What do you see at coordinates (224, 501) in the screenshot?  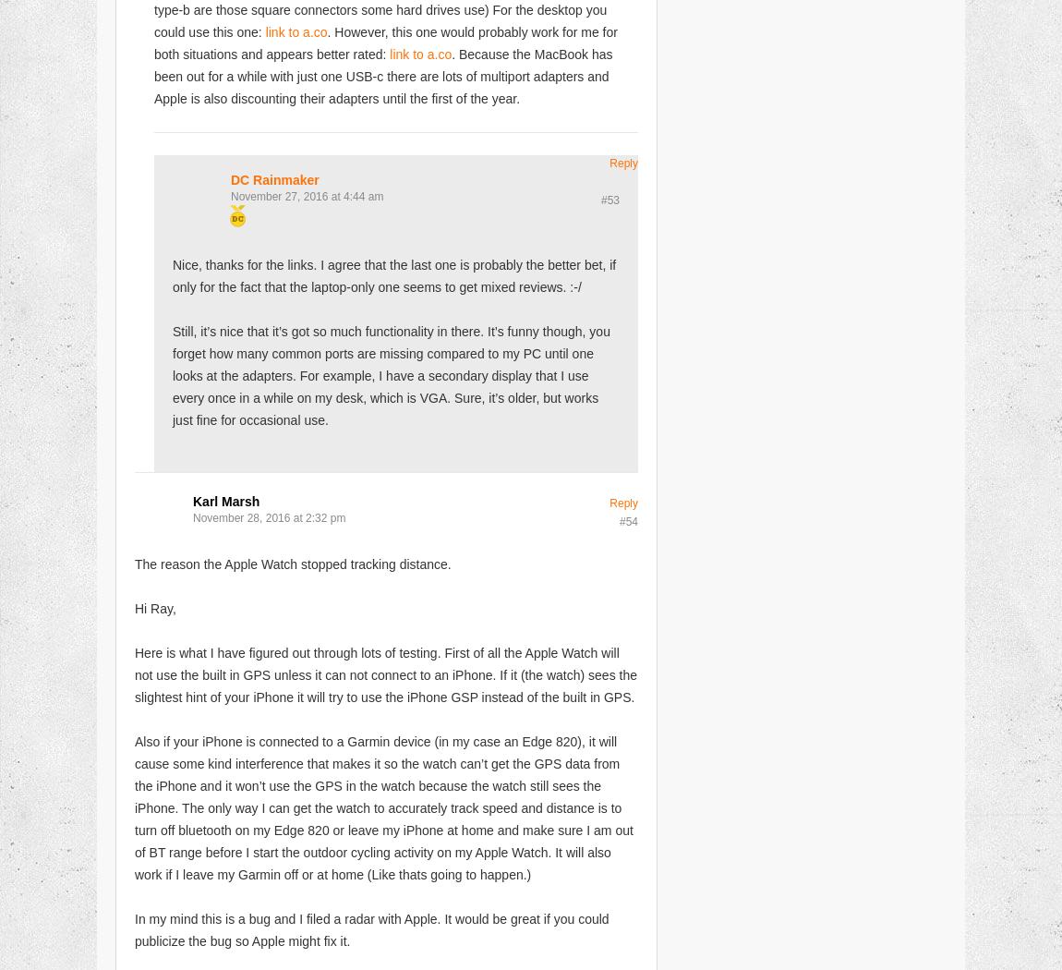 I see `'Karl Marsh'` at bounding box center [224, 501].